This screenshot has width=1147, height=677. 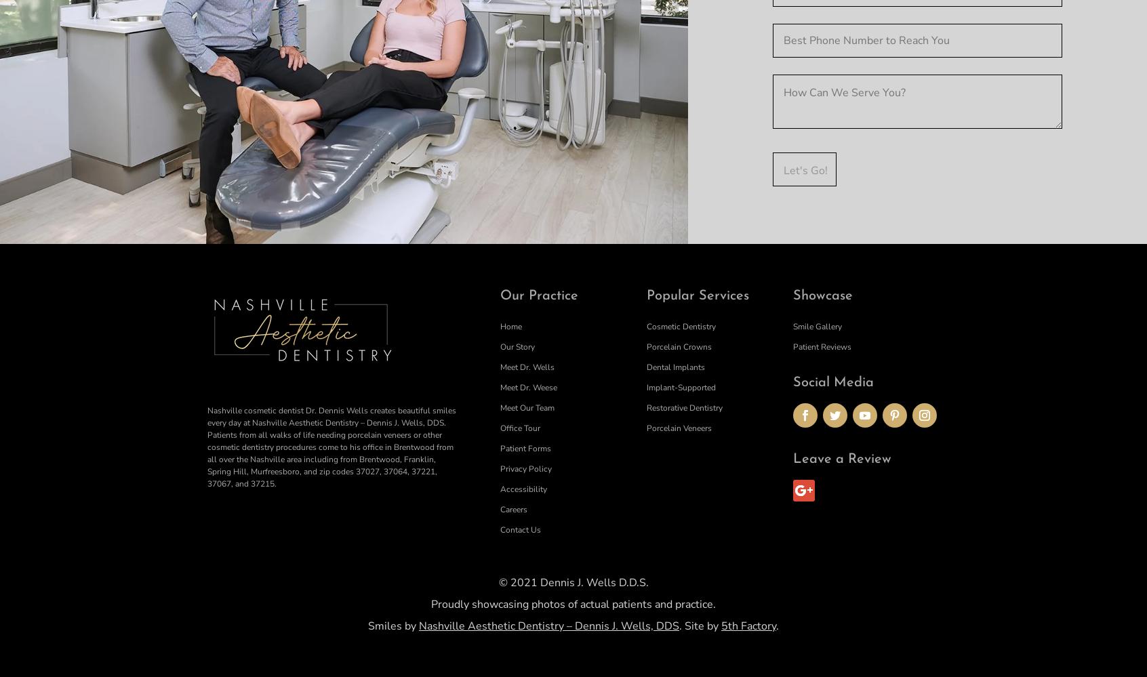 I want to click on 'Showcase', so click(x=823, y=294).